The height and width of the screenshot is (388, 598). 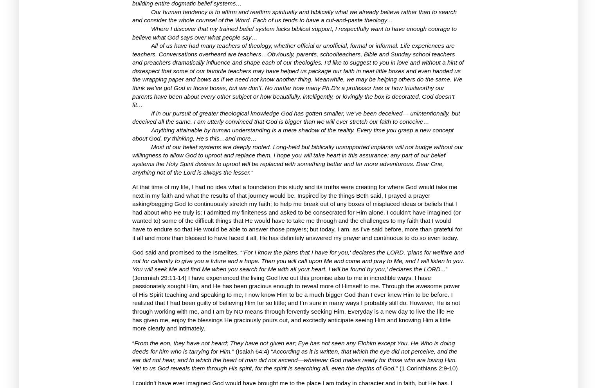 What do you see at coordinates (289, 273) in the screenshot?
I see `'” (Jeremiah 29:11-14)'` at bounding box center [289, 273].